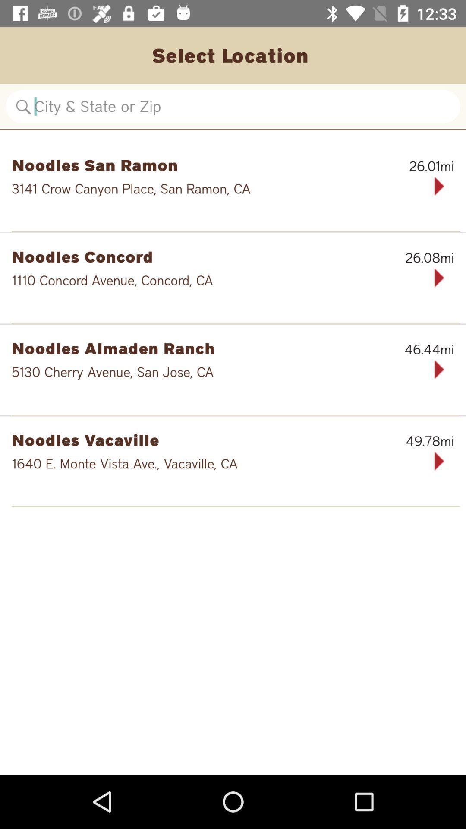 The height and width of the screenshot is (829, 466). I want to click on icon next to 46.44mi, so click(188, 348).